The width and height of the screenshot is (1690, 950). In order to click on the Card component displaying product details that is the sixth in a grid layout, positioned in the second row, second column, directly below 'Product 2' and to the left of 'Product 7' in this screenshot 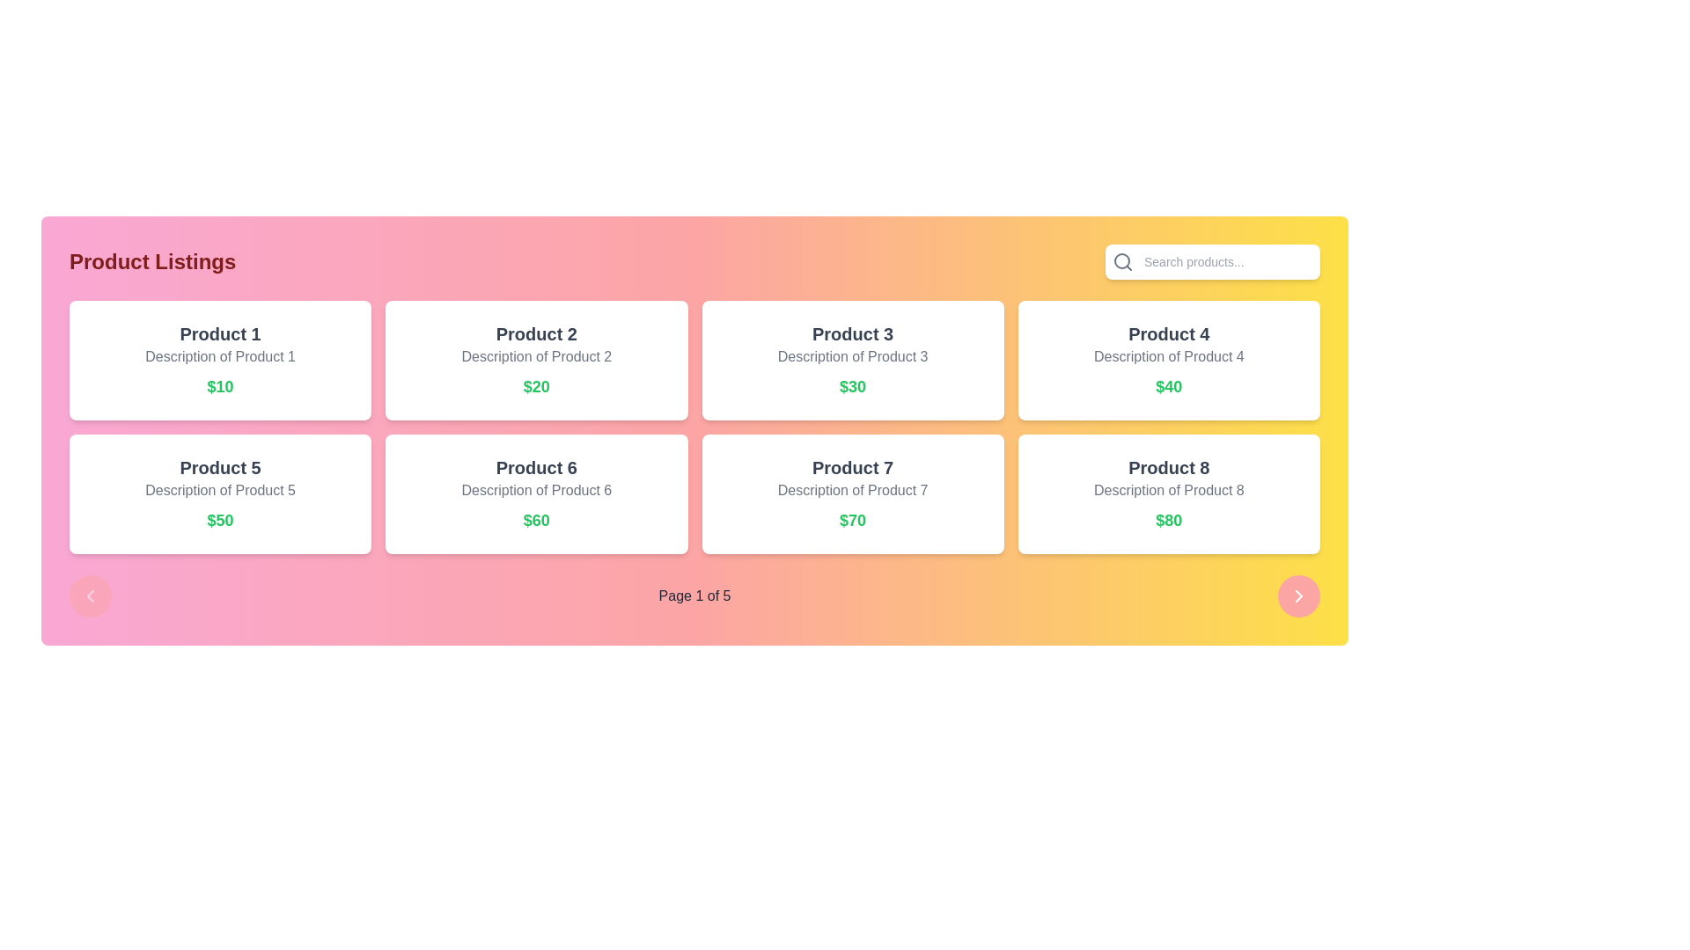, I will do `click(535, 494)`.